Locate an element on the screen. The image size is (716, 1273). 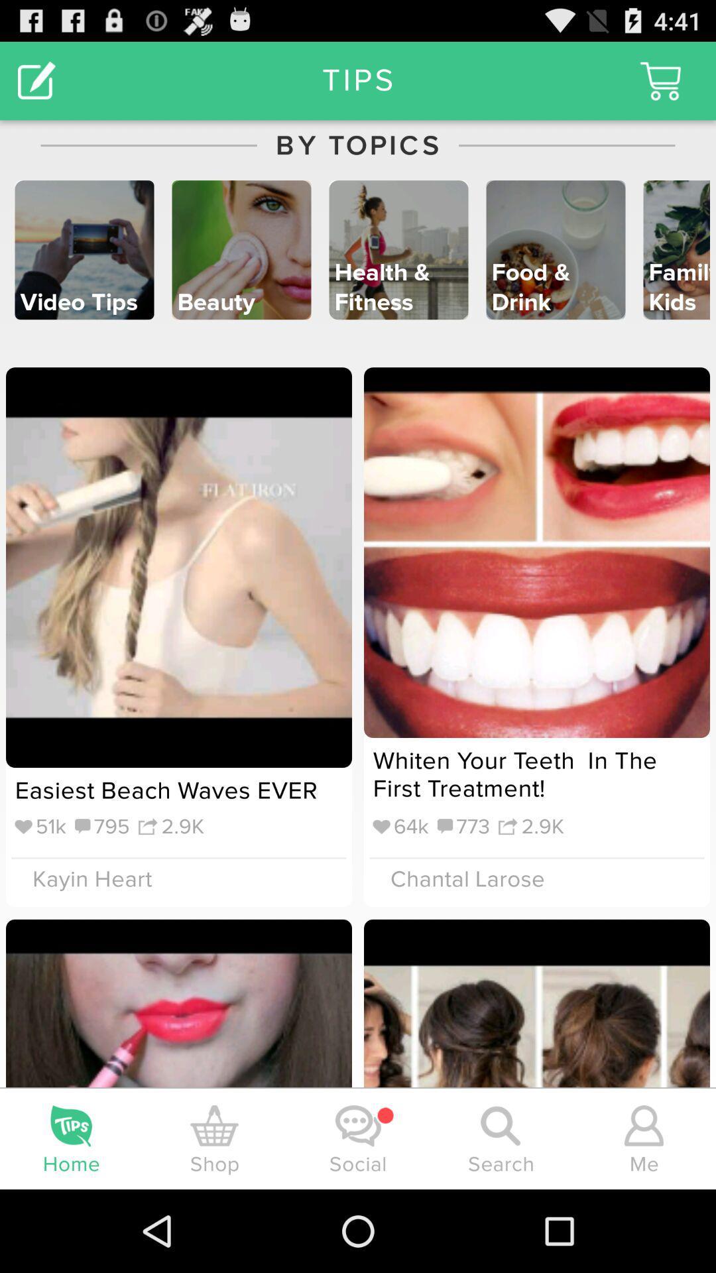
icon above me is located at coordinates (644, 1125).